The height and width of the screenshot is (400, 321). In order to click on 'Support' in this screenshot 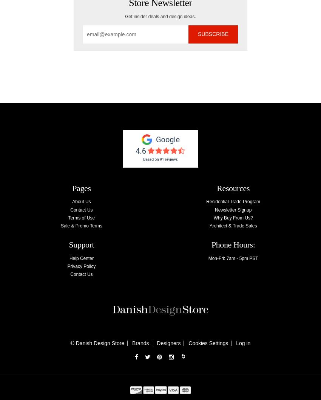, I will do `click(81, 244)`.